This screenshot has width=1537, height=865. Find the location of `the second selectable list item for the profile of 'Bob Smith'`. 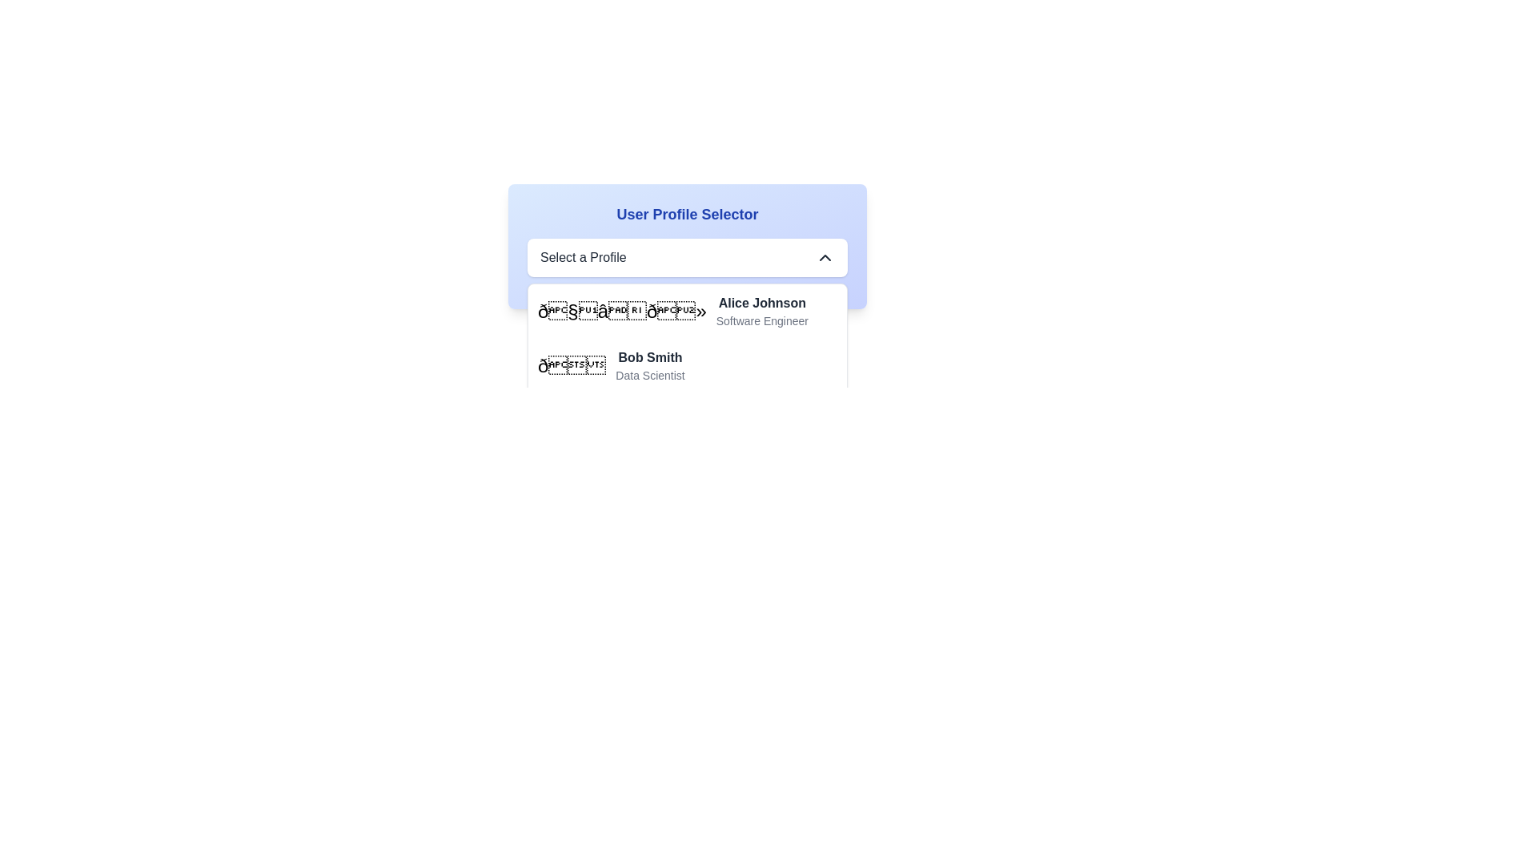

the second selectable list item for the profile of 'Bob Smith' is located at coordinates (688, 365).